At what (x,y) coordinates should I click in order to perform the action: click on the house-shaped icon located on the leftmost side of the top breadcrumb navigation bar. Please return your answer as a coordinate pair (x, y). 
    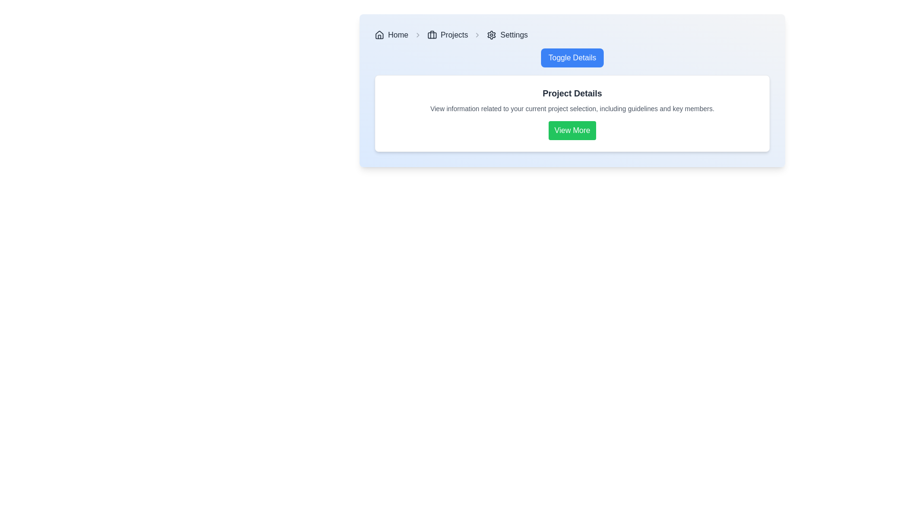
    Looking at the image, I should click on (379, 34).